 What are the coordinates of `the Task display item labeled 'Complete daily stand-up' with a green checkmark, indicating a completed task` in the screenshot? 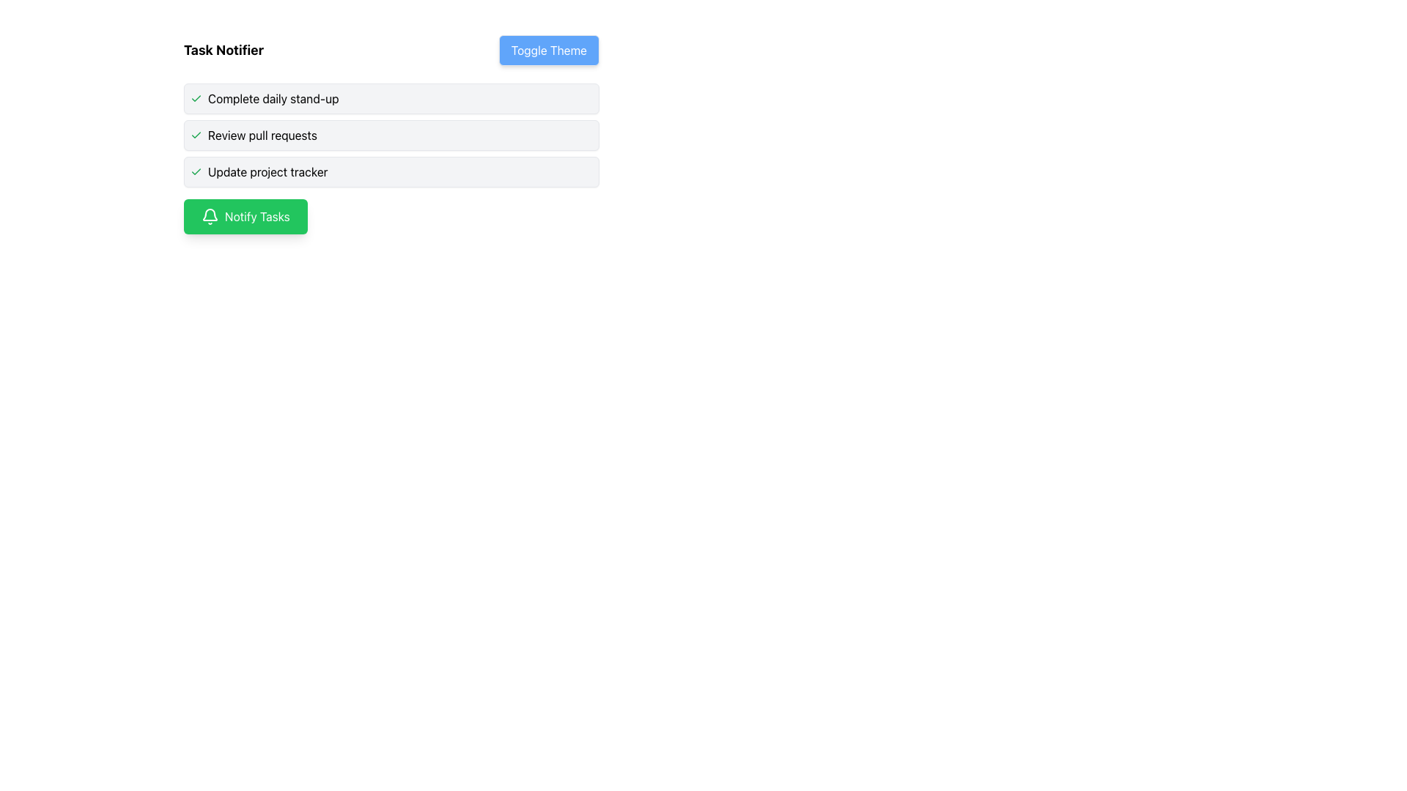 It's located at (391, 99).